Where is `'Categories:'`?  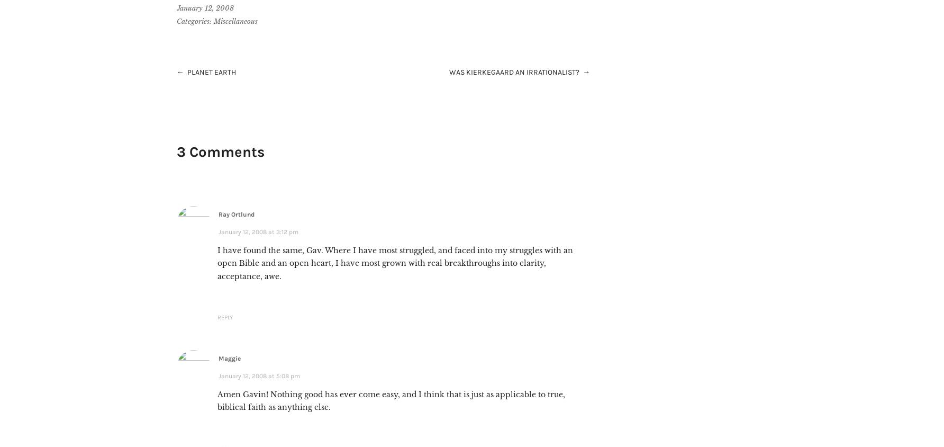
'Categories:' is located at coordinates (194, 21).